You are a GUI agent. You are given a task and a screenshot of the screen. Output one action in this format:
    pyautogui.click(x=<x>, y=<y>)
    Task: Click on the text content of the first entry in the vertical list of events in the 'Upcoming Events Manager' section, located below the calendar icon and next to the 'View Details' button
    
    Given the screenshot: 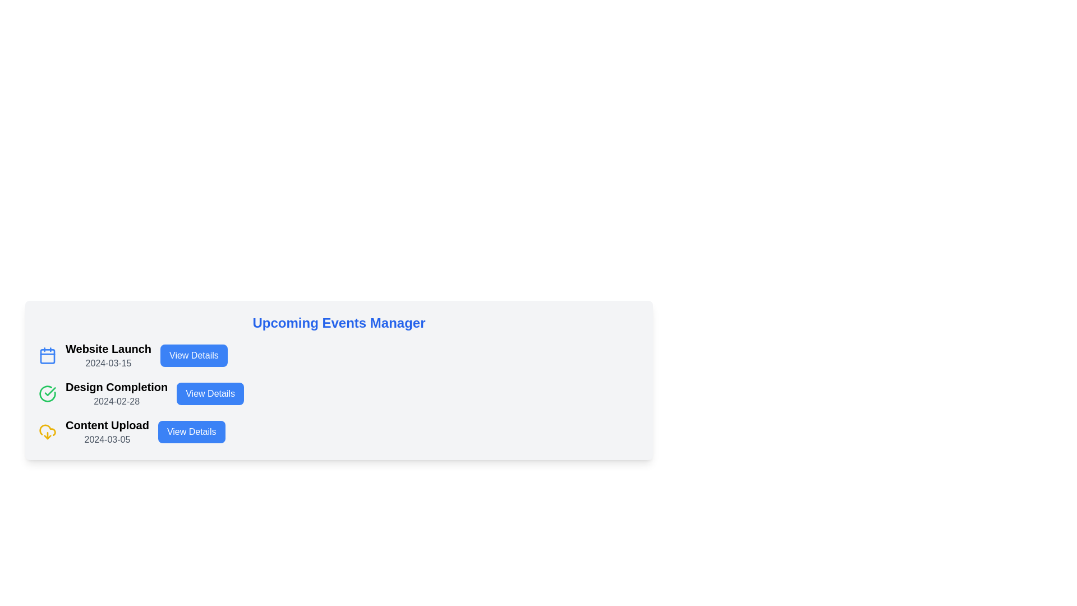 What is the action you would take?
    pyautogui.click(x=108, y=355)
    